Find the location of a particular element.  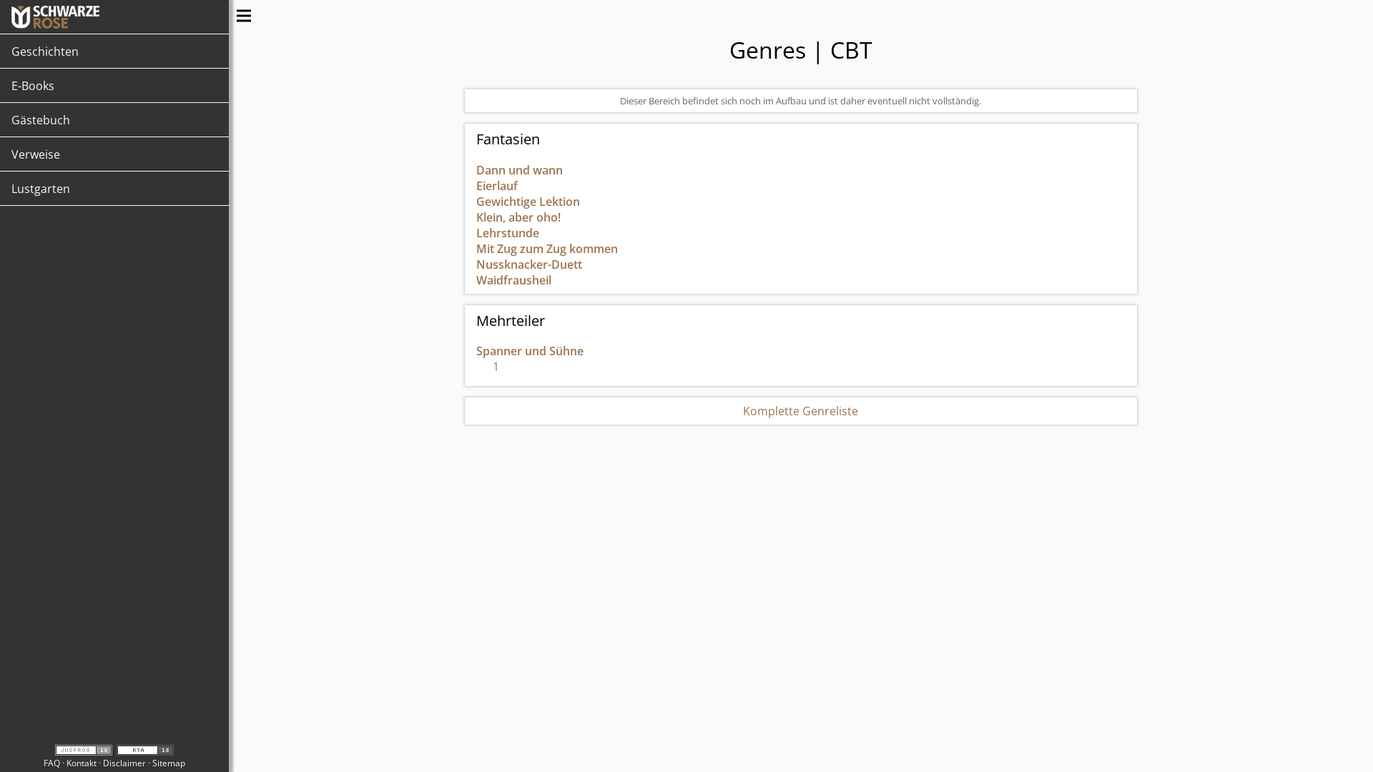

'Sitemap' is located at coordinates (168, 762).